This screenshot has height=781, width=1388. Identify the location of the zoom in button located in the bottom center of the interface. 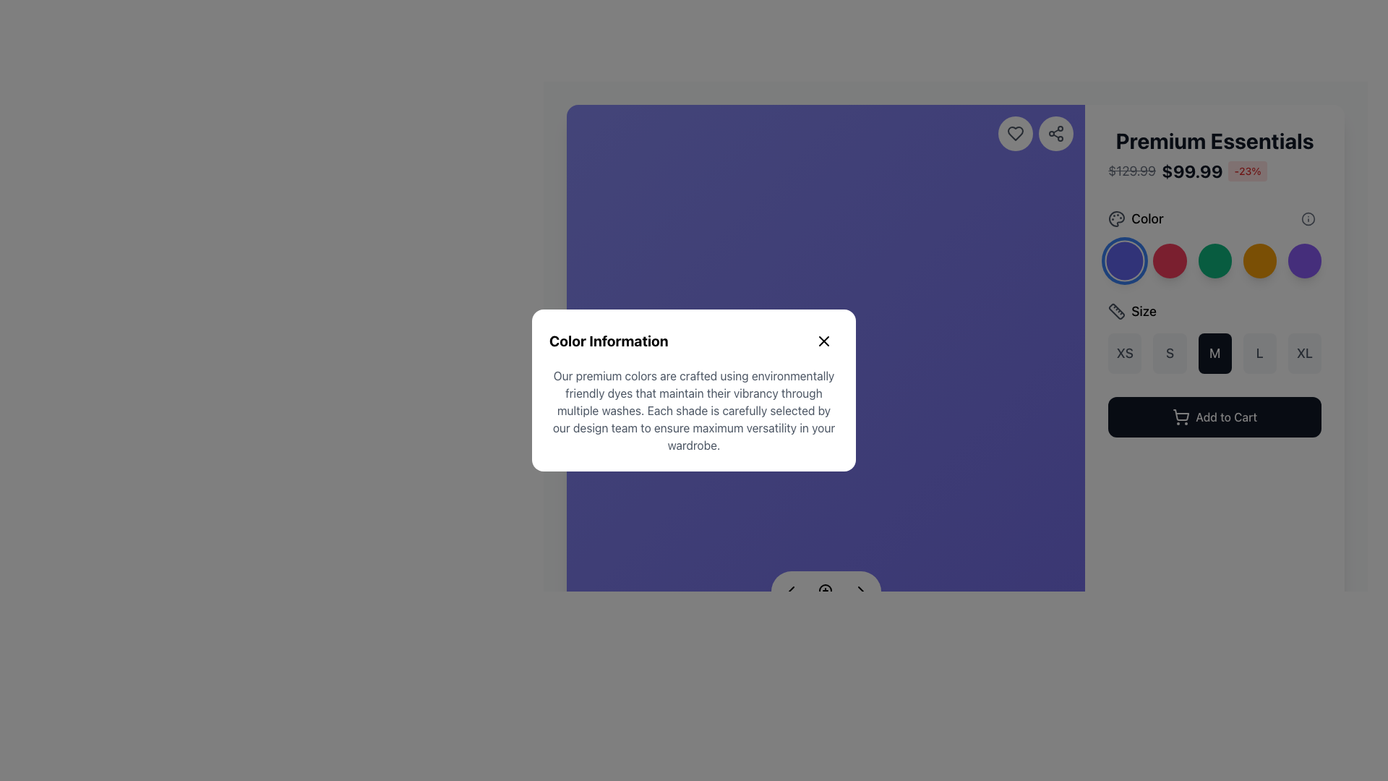
(826, 592).